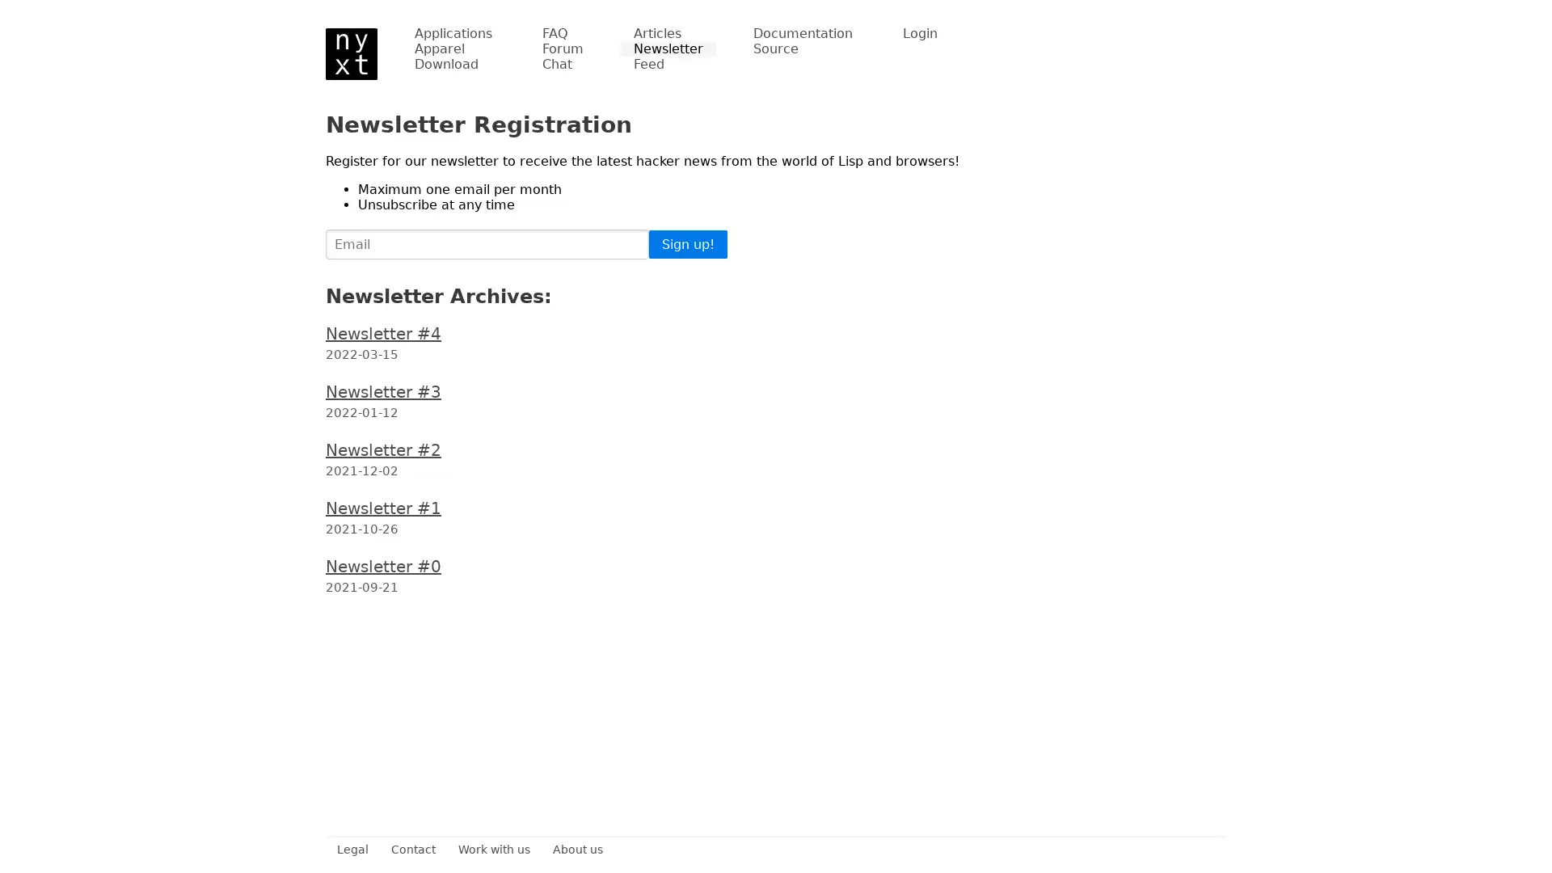 The image size is (1552, 873). I want to click on Sign up!, so click(688, 244).